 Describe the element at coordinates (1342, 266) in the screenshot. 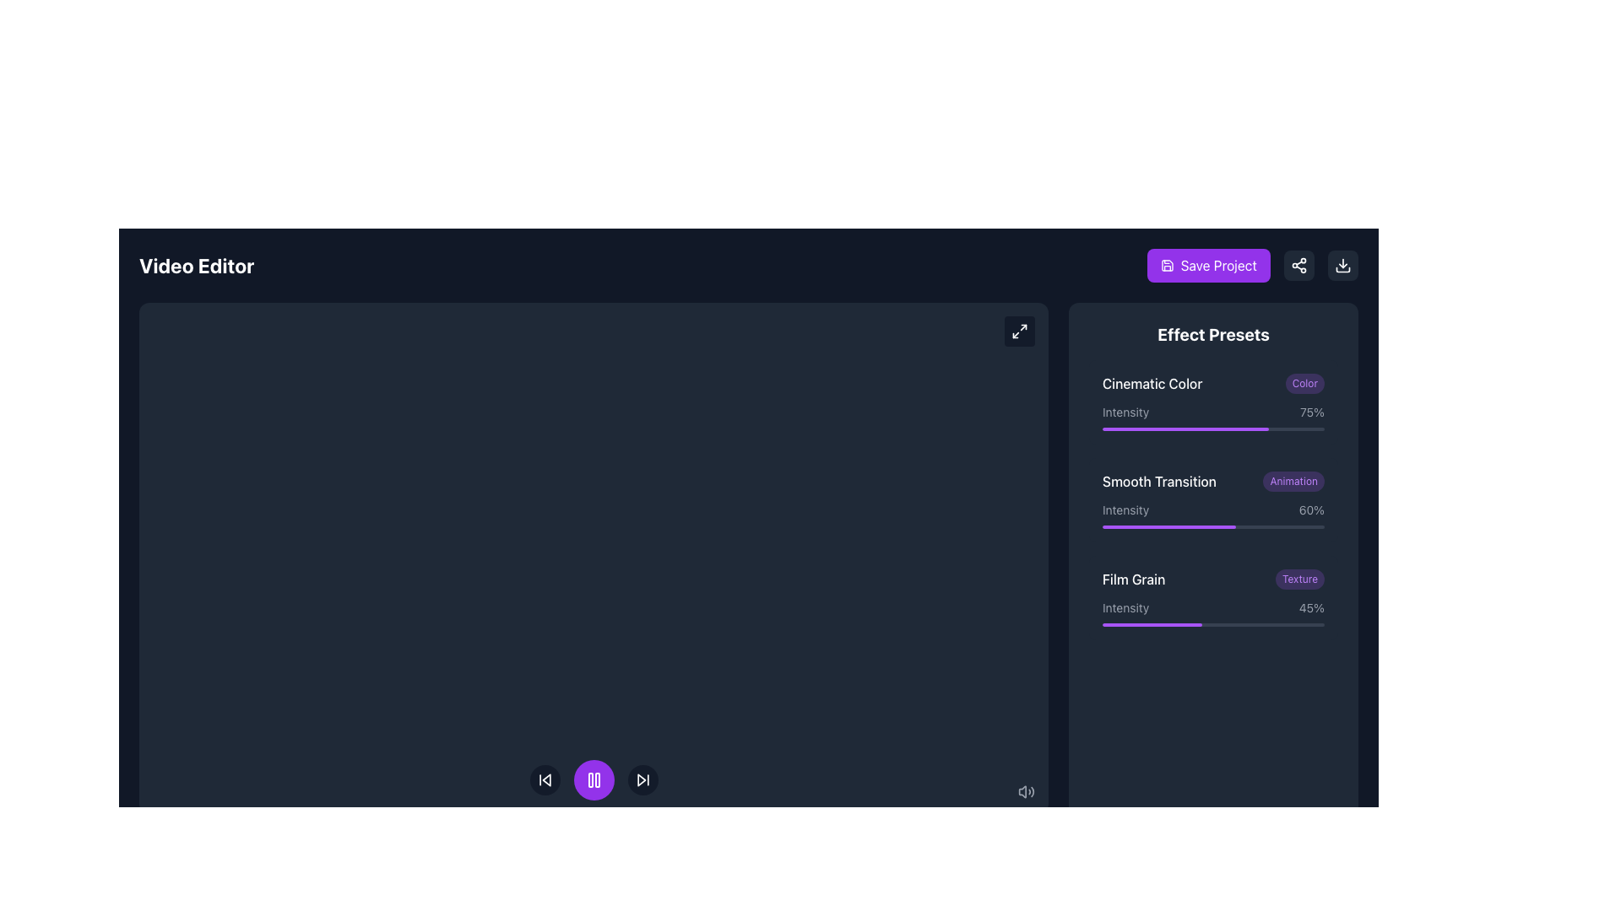

I see `the download button, which is the third icon from the left in the top-right corner of the interface` at that location.